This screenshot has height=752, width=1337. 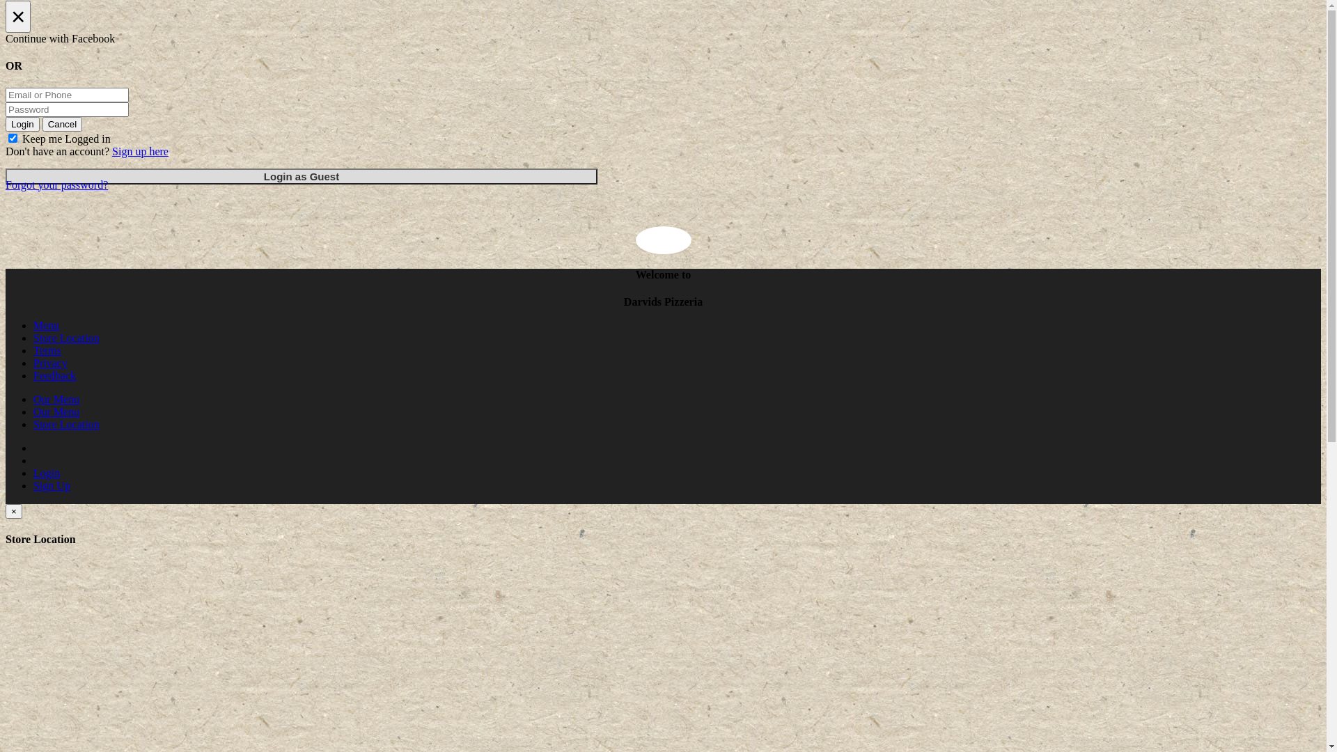 What do you see at coordinates (56, 399) in the screenshot?
I see `'Our Menu'` at bounding box center [56, 399].